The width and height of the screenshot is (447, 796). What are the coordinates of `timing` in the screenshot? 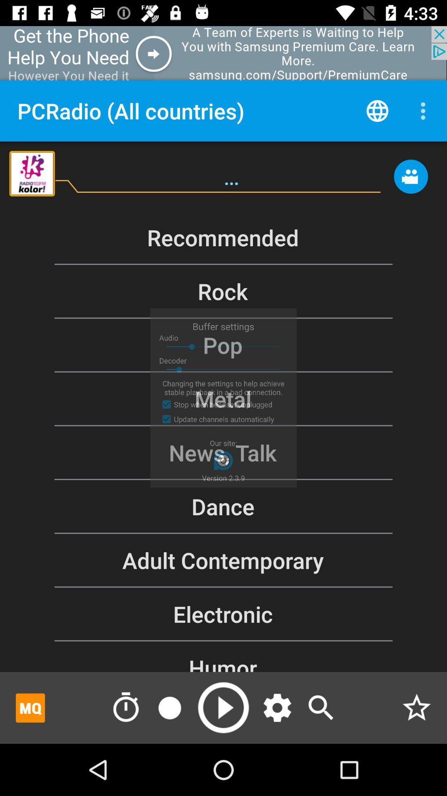 It's located at (126, 707).